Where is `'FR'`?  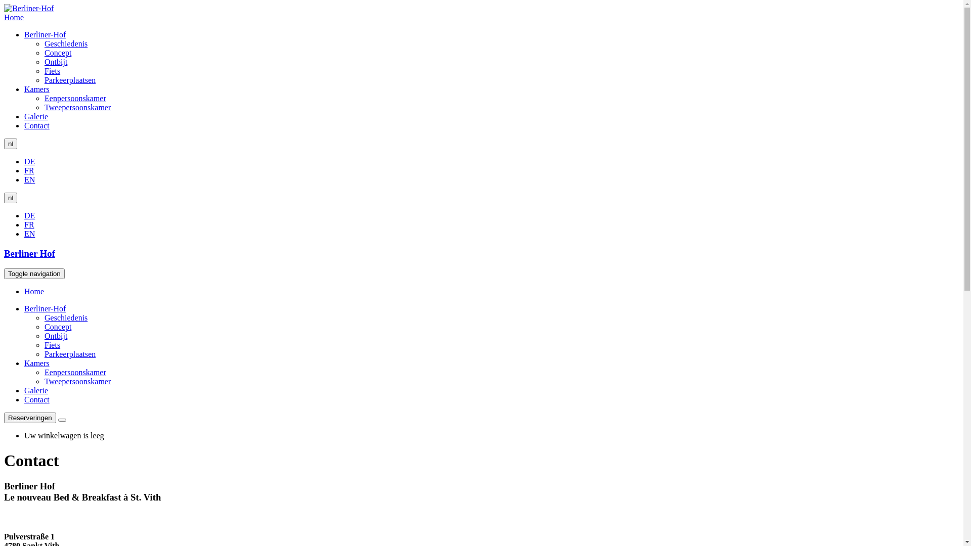
'FR' is located at coordinates (24, 170).